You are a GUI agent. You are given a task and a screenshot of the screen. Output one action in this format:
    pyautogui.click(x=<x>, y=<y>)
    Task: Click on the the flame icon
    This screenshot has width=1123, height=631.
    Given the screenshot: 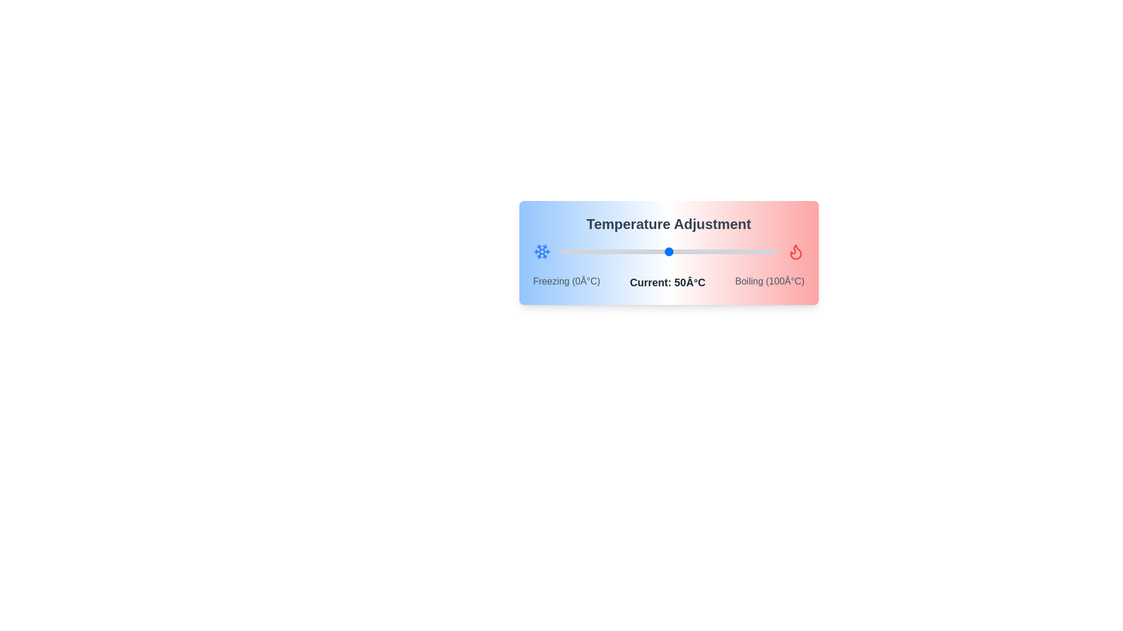 What is the action you would take?
    pyautogui.click(x=795, y=251)
    